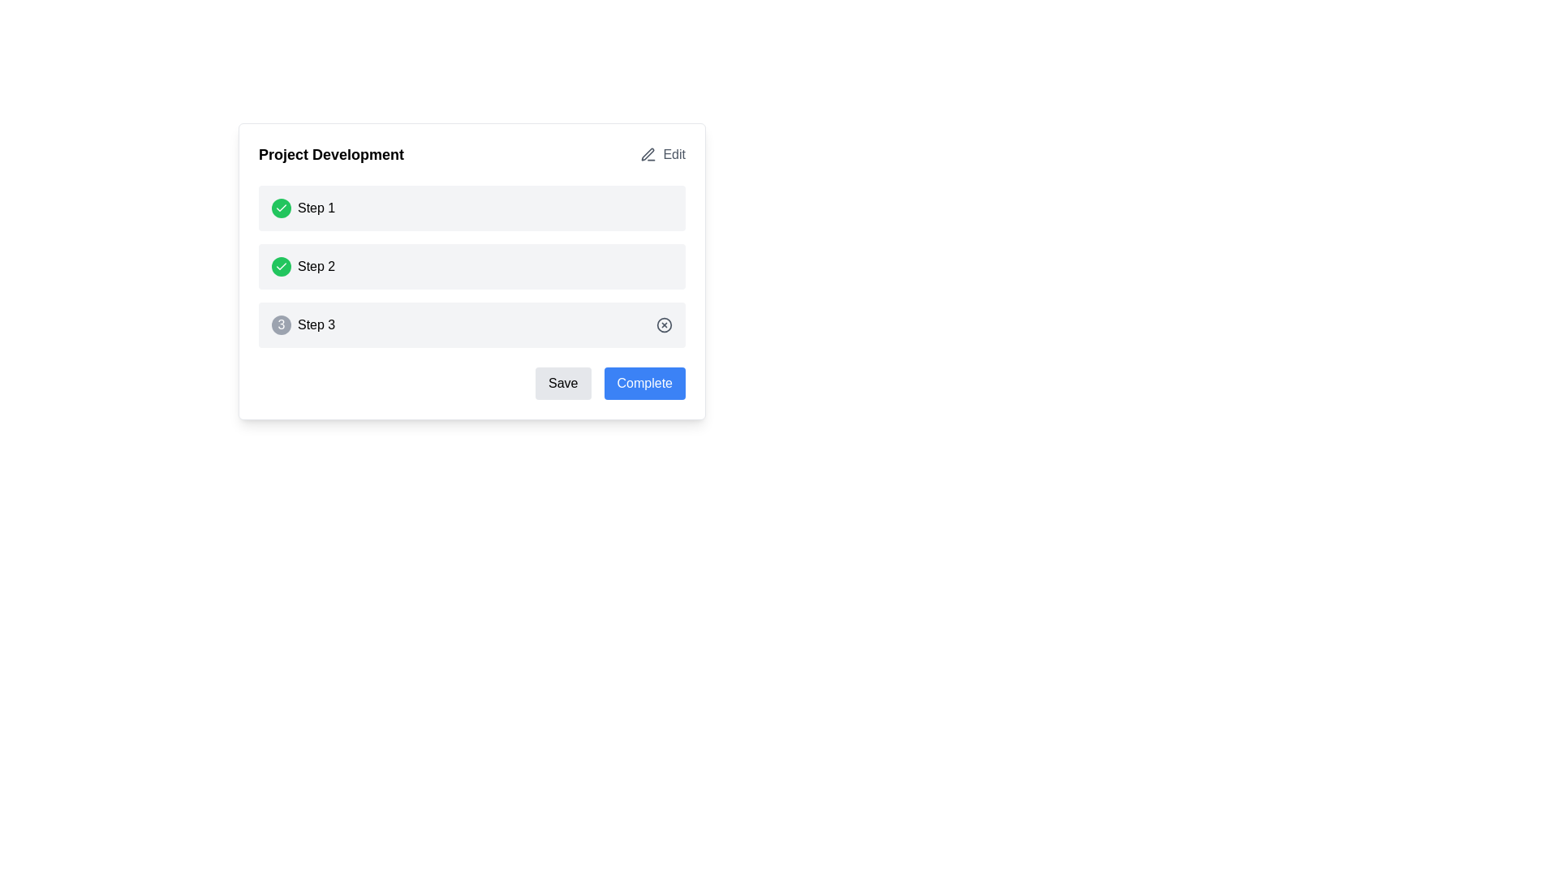 This screenshot has width=1558, height=876. What do you see at coordinates (316, 208) in the screenshot?
I see `the text label indicating the title or description of the first step in the sequence, positioned to the right of a green circular icon with a white checkmark` at bounding box center [316, 208].